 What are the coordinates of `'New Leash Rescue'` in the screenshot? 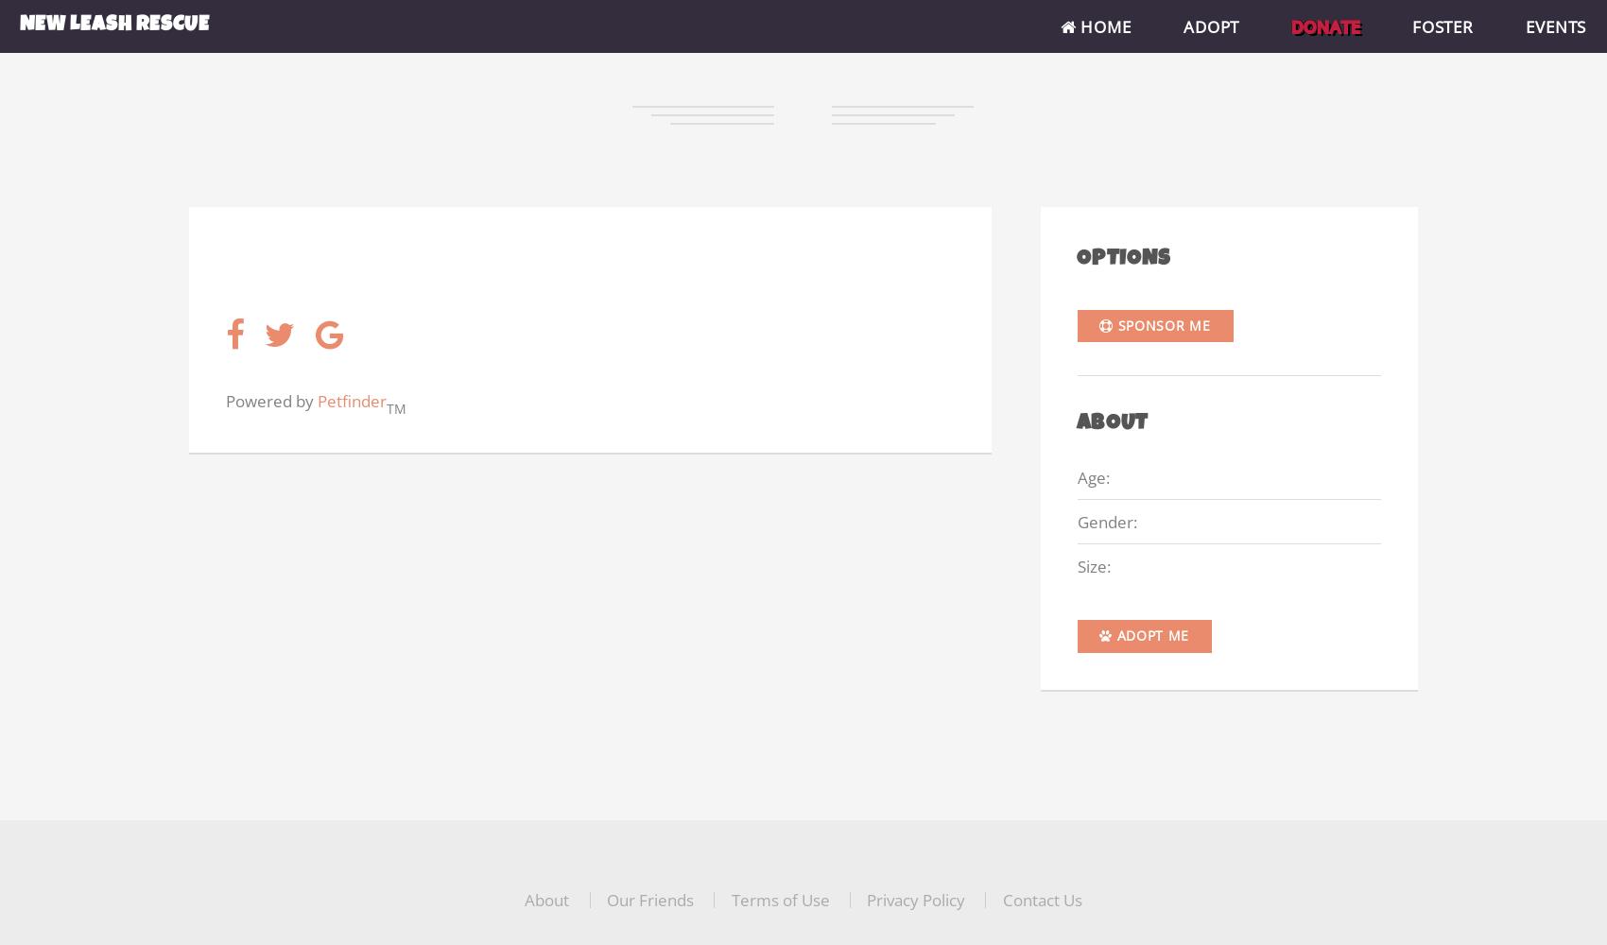 It's located at (112, 26).